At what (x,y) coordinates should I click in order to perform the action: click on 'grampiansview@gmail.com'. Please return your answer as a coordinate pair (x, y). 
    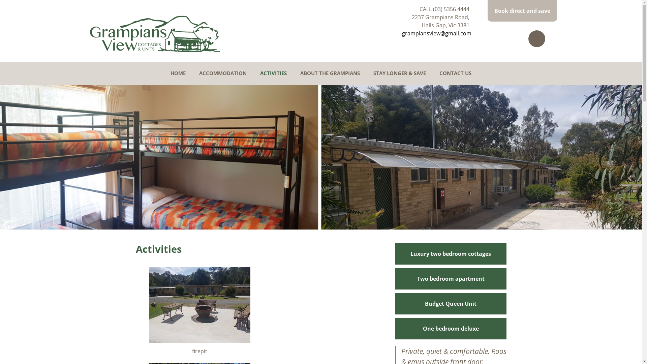
    Looking at the image, I should click on (436, 33).